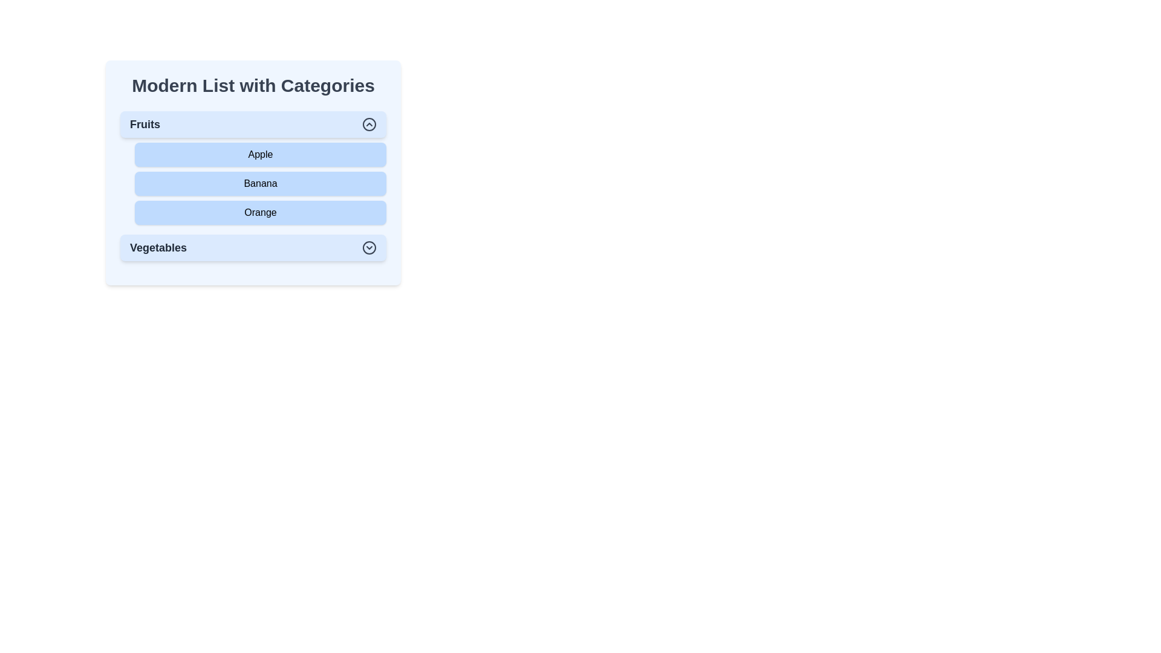  Describe the element at coordinates (260, 212) in the screenshot. I see `the item Orange from the list` at that location.